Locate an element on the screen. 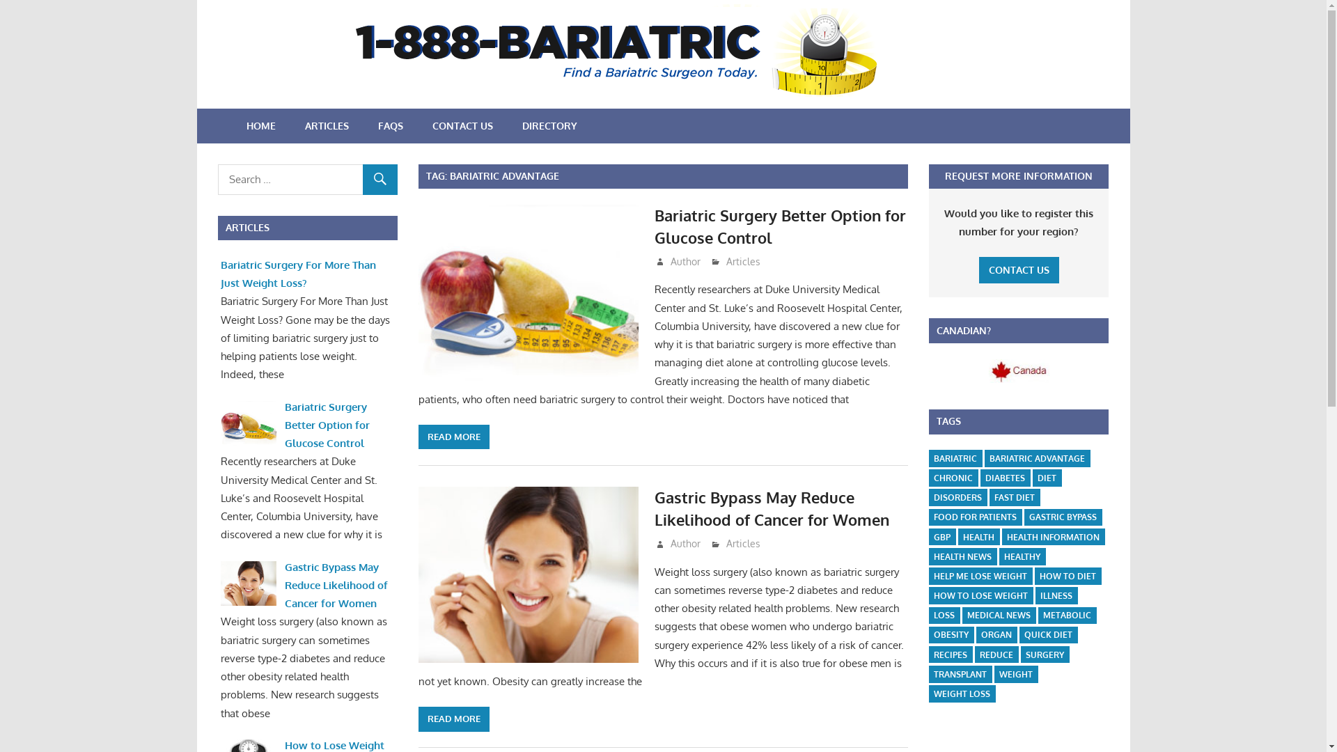 The width and height of the screenshot is (1337, 752). 'CONTACT US' is located at coordinates (1019, 270).